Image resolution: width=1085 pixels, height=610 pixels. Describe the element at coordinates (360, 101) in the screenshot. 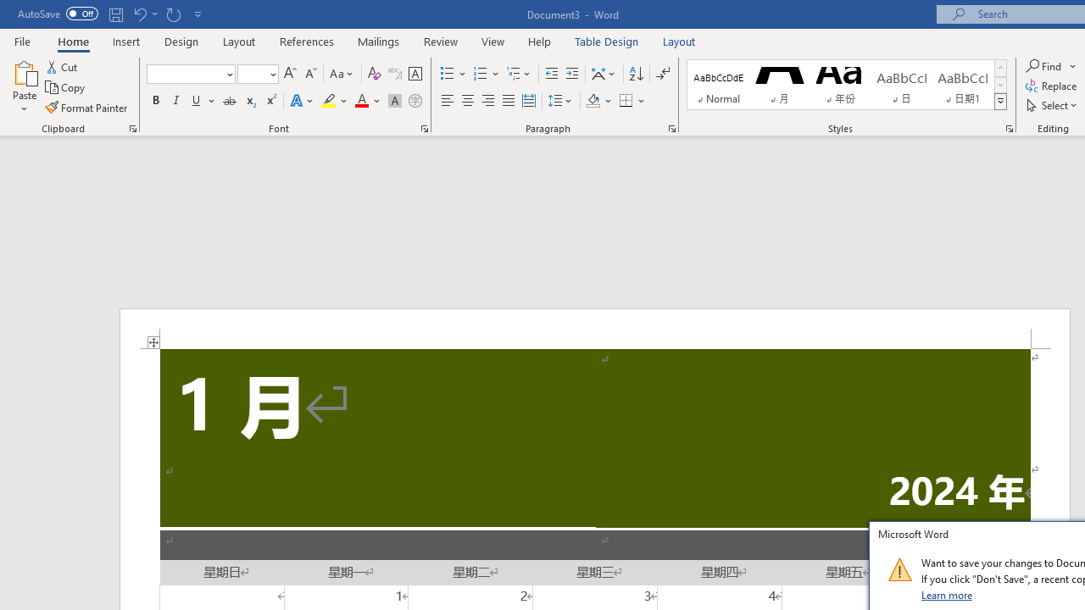

I see `'Font Color RGB(255, 0, 0)'` at that location.